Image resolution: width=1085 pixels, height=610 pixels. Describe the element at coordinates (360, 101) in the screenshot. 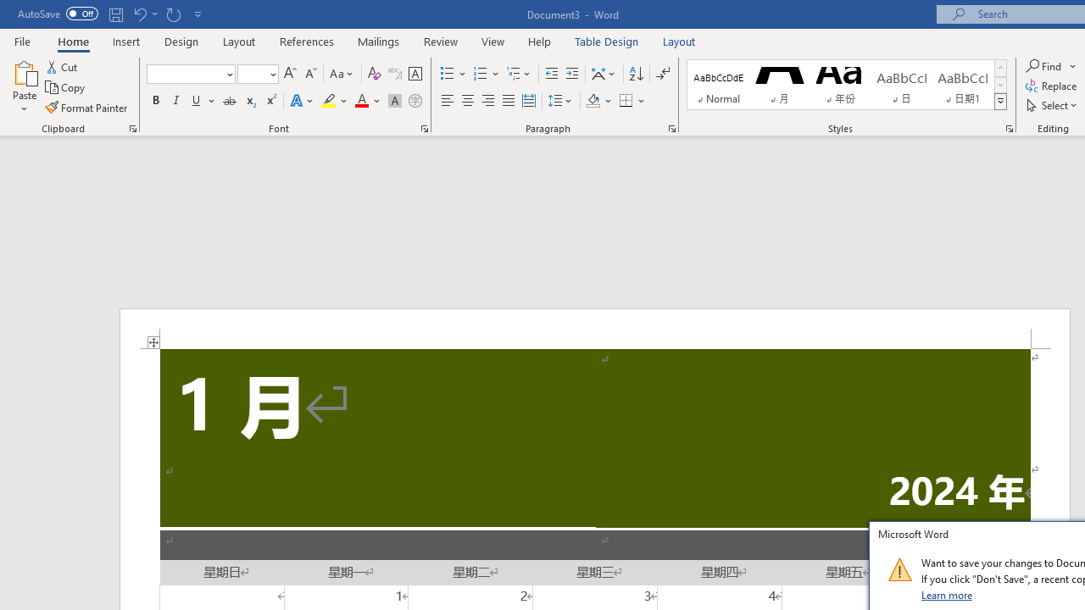

I see `'Font Color RGB(255, 0, 0)'` at that location.